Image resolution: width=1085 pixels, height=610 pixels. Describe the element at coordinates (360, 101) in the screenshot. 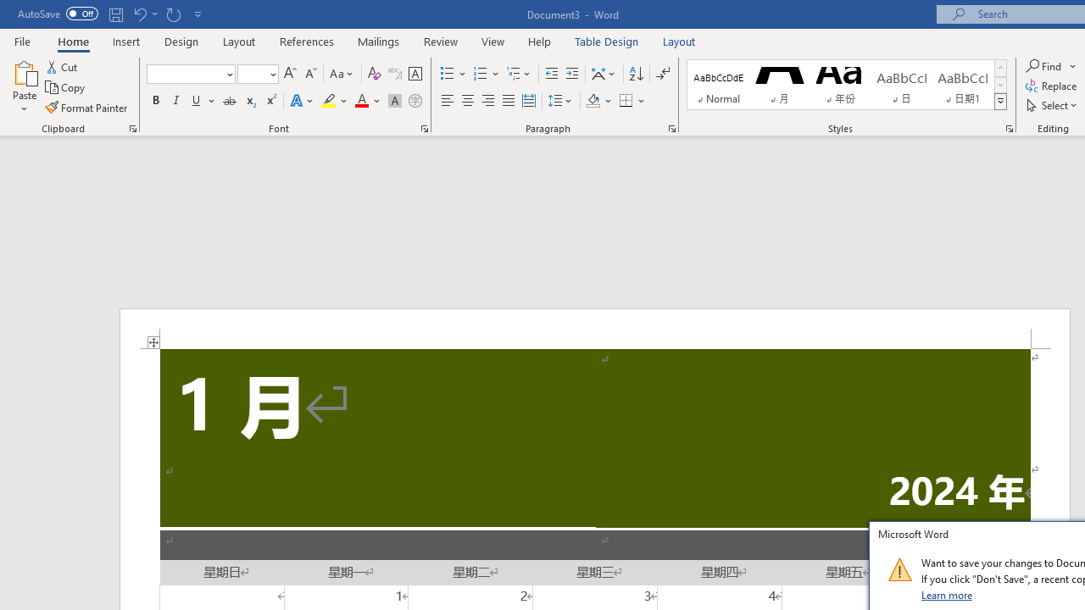

I see `'Font Color RGB(255, 0, 0)'` at that location.